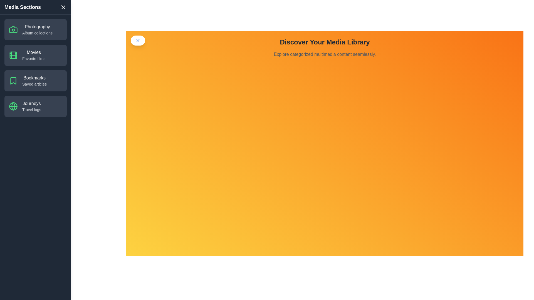 The image size is (534, 300). I want to click on the category Photography from the list, so click(35, 30).